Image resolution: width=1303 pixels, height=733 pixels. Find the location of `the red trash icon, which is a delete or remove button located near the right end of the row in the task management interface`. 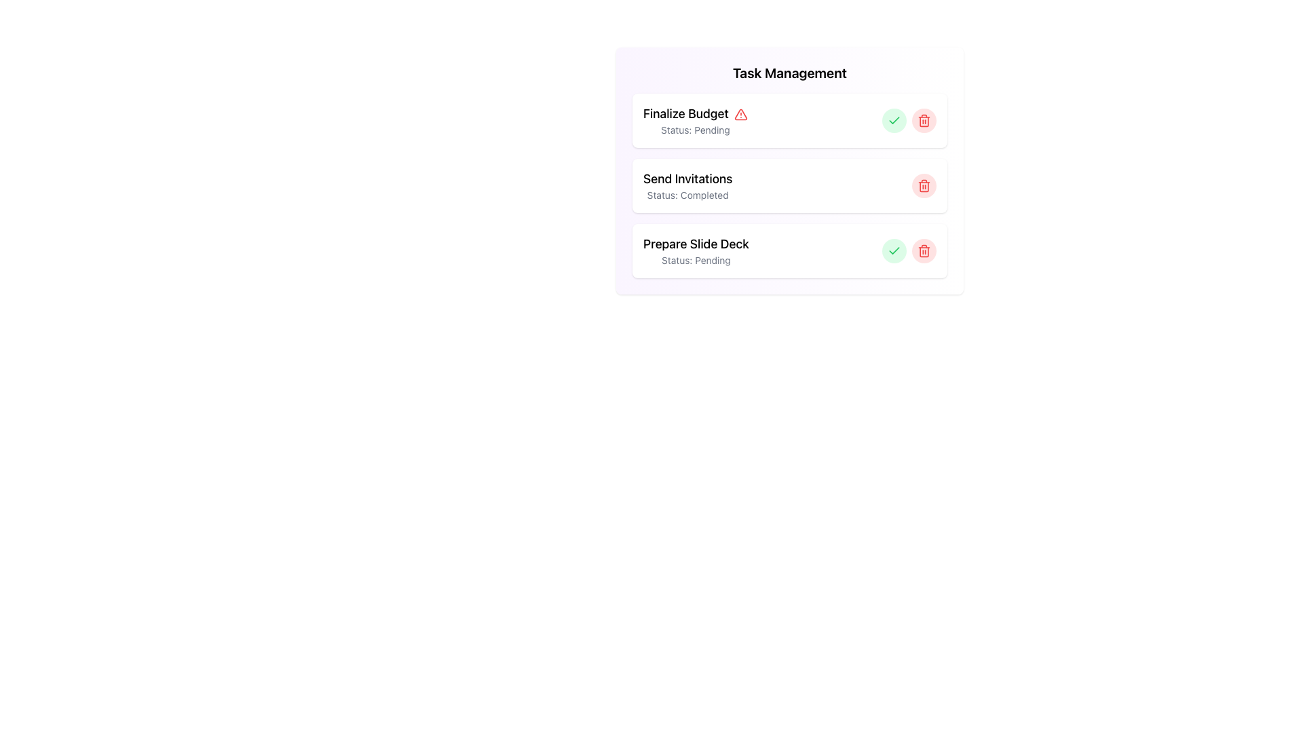

the red trash icon, which is a delete or remove button located near the right end of the row in the task management interface is located at coordinates (924, 251).